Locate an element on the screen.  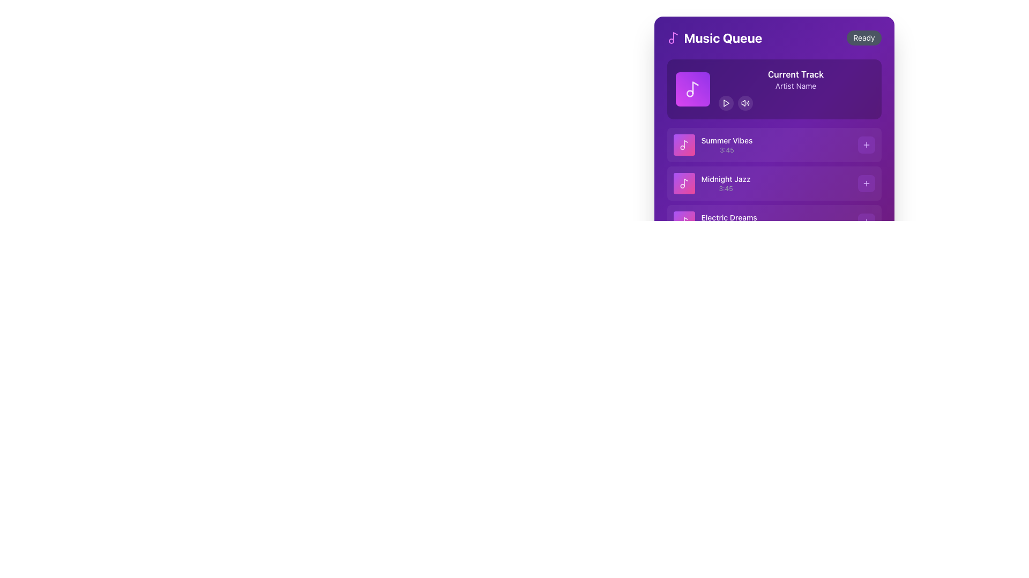
the Icon button located to the left of the text label 'Midnight Jazz 3:45', which visually represents the music track is located at coordinates (683, 183).